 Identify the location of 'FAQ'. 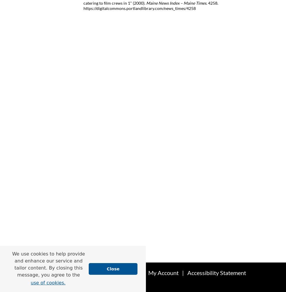
(133, 273).